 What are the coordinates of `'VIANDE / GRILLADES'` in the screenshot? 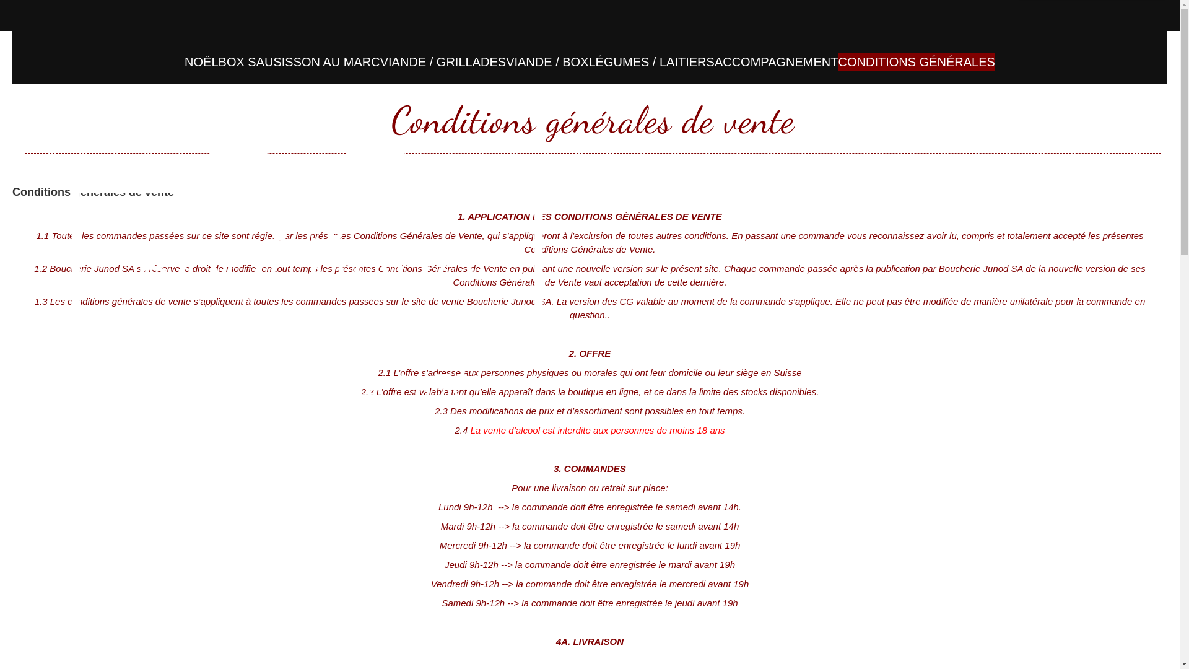 It's located at (443, 62).